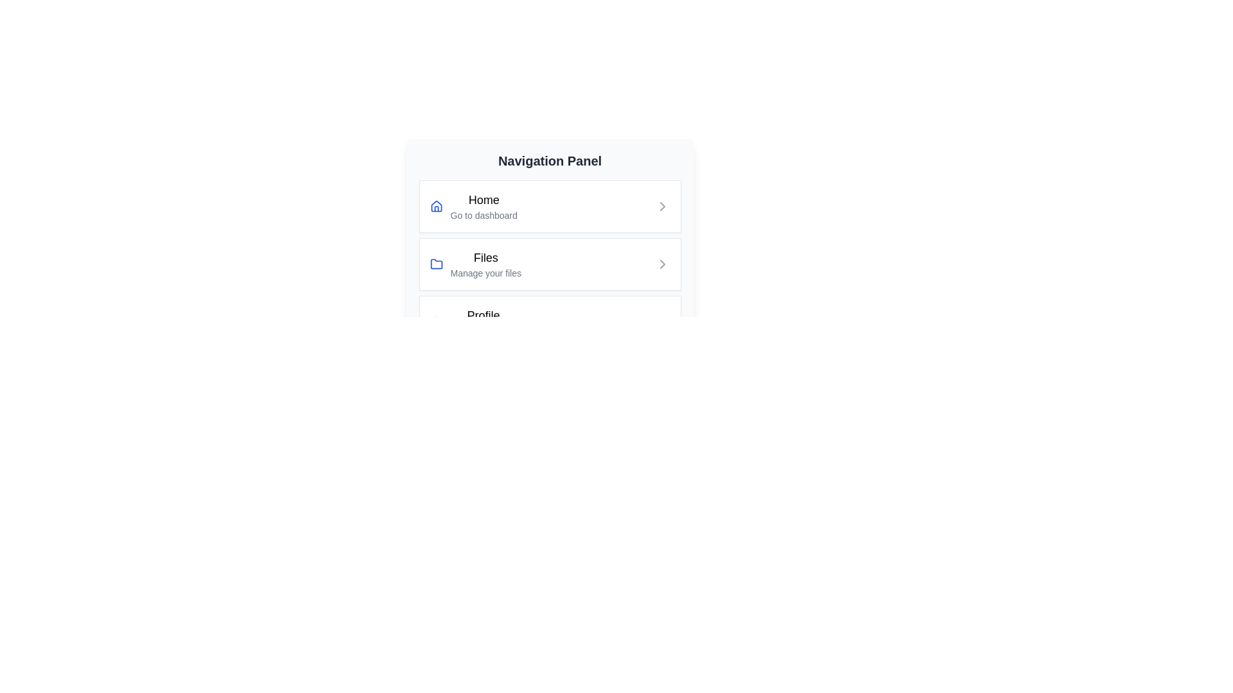 This screenshot has height=693, width=1233. What do you see at coordinates (485, 272) in the screenshot?
I see `text of the descriptive label for the 'Files' navigation option, which provides additional context about managing files` at bounding box center [485, 272].